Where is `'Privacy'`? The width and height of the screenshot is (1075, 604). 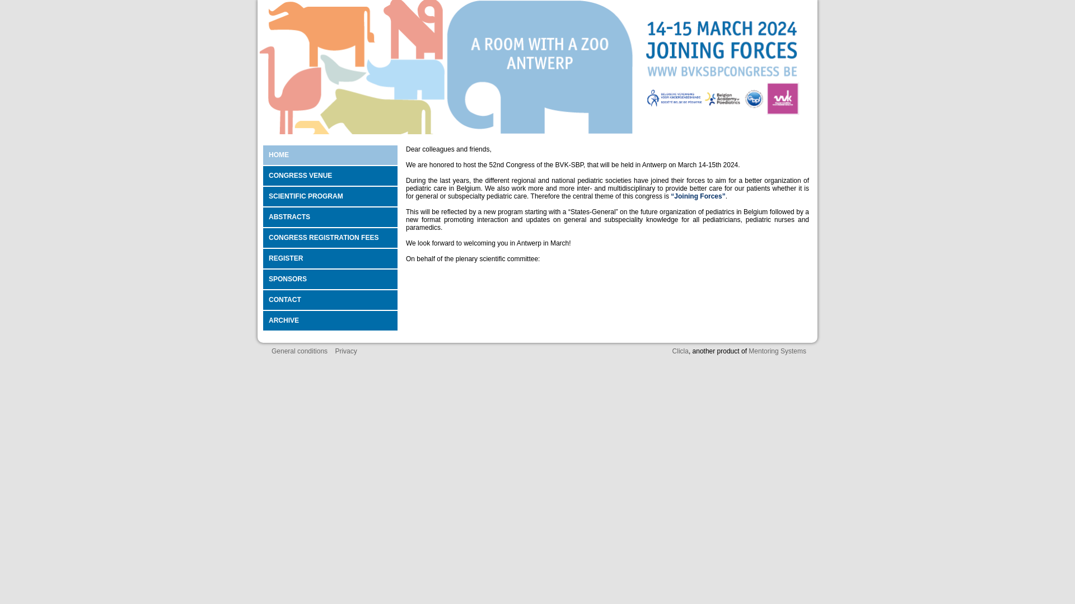 'Privacy' is located at coordinates (345, 351).